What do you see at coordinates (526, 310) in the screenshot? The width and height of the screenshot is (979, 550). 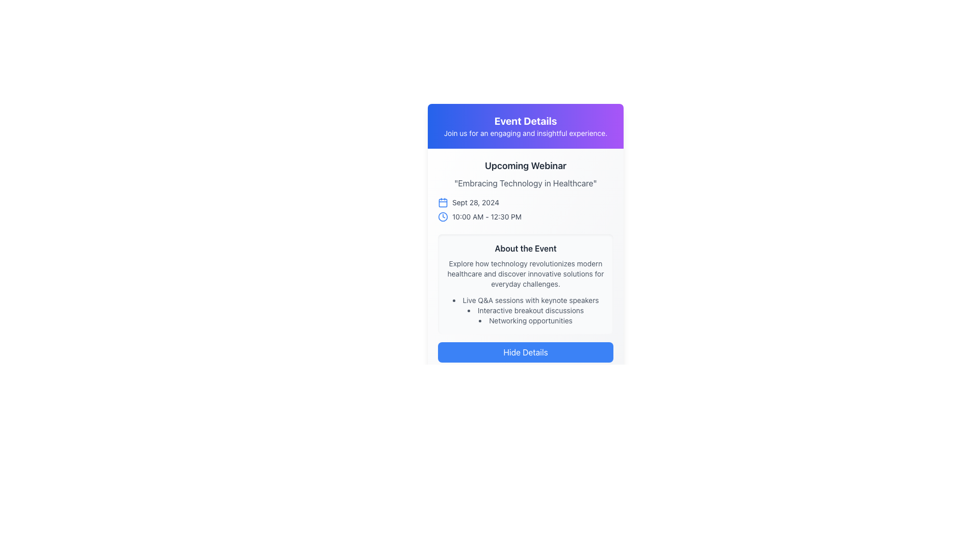 I see `bullet point text that says 'Interactive breakout discussions', located in the 'About the Event' section of the modal window` at bounding box center [526, 310].